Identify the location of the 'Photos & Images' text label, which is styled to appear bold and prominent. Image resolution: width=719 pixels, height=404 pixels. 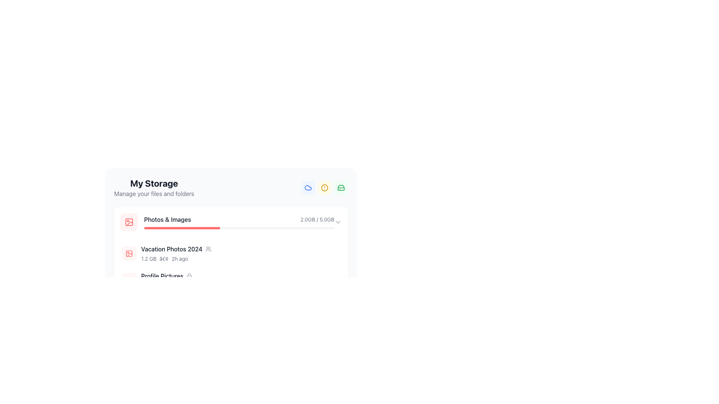
(167, 219).